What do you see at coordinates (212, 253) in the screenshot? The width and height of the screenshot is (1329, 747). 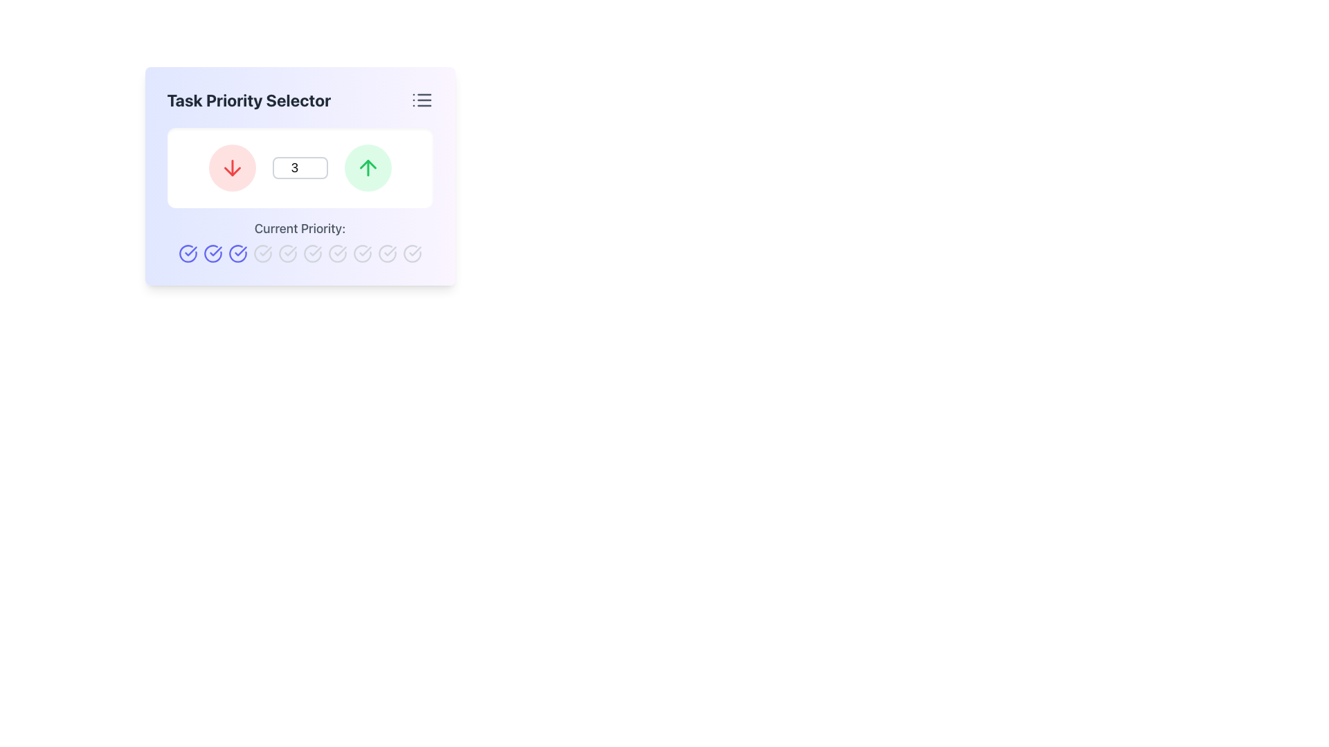 I see `the third circular icon from the left in the 'Task Priority Selector' section` at bounding box center [212, 253].